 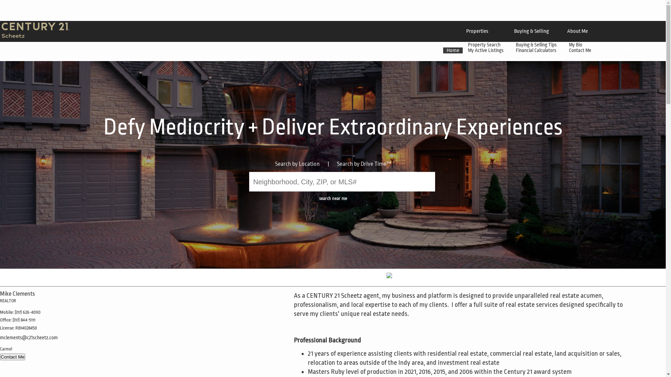 What do you see at coordinates (536, 50) in the screenshot?
I see `'Financial Calculators'` at bounding box center [536, 50].